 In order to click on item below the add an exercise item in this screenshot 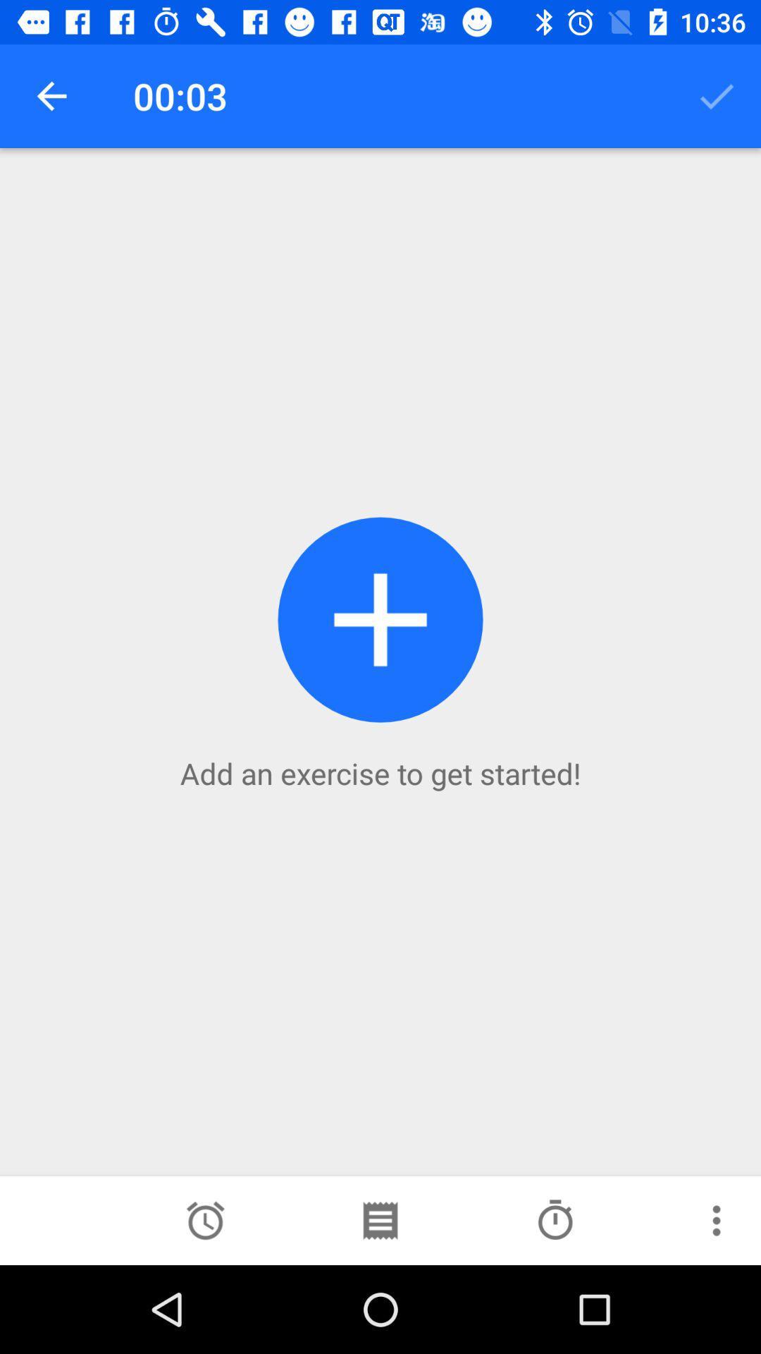, I will do `click(554, 1220)`.